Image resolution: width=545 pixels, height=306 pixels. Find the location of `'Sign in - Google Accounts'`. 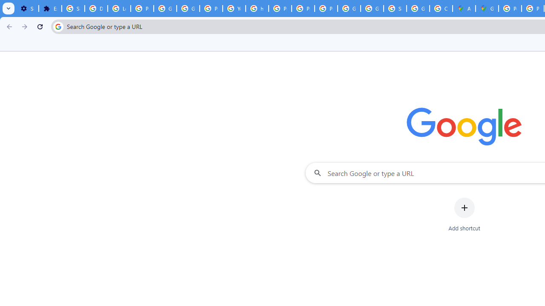

'Sign in - Google Accounts' is located at coordinates (395, 8).